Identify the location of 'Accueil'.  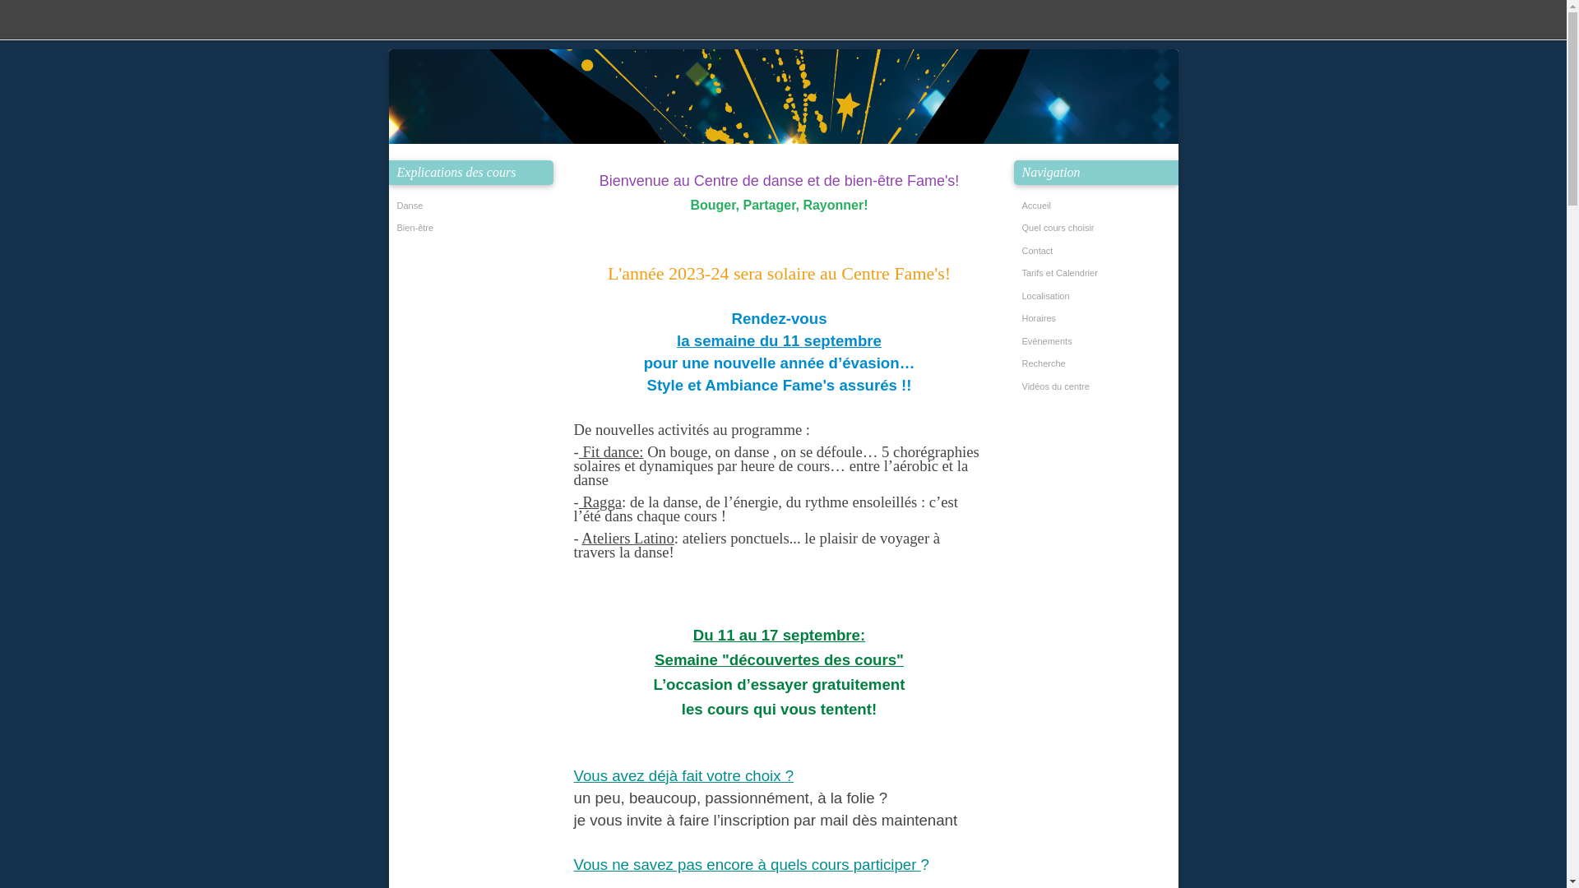
(1098, 205).